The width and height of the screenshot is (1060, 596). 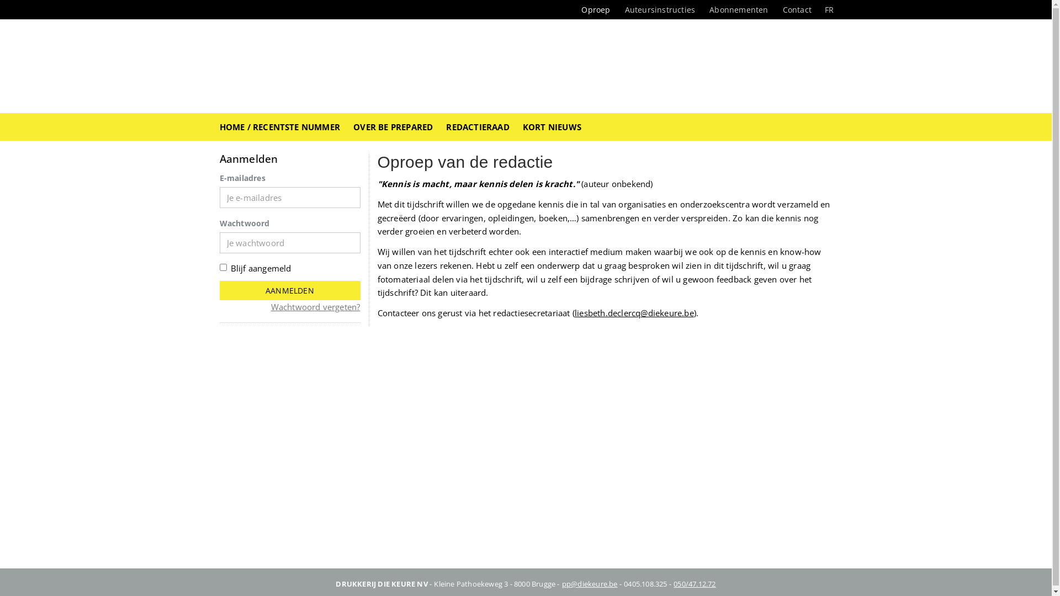 I want to click on 'KORT NIEUWS', so click(x=552, y=126).